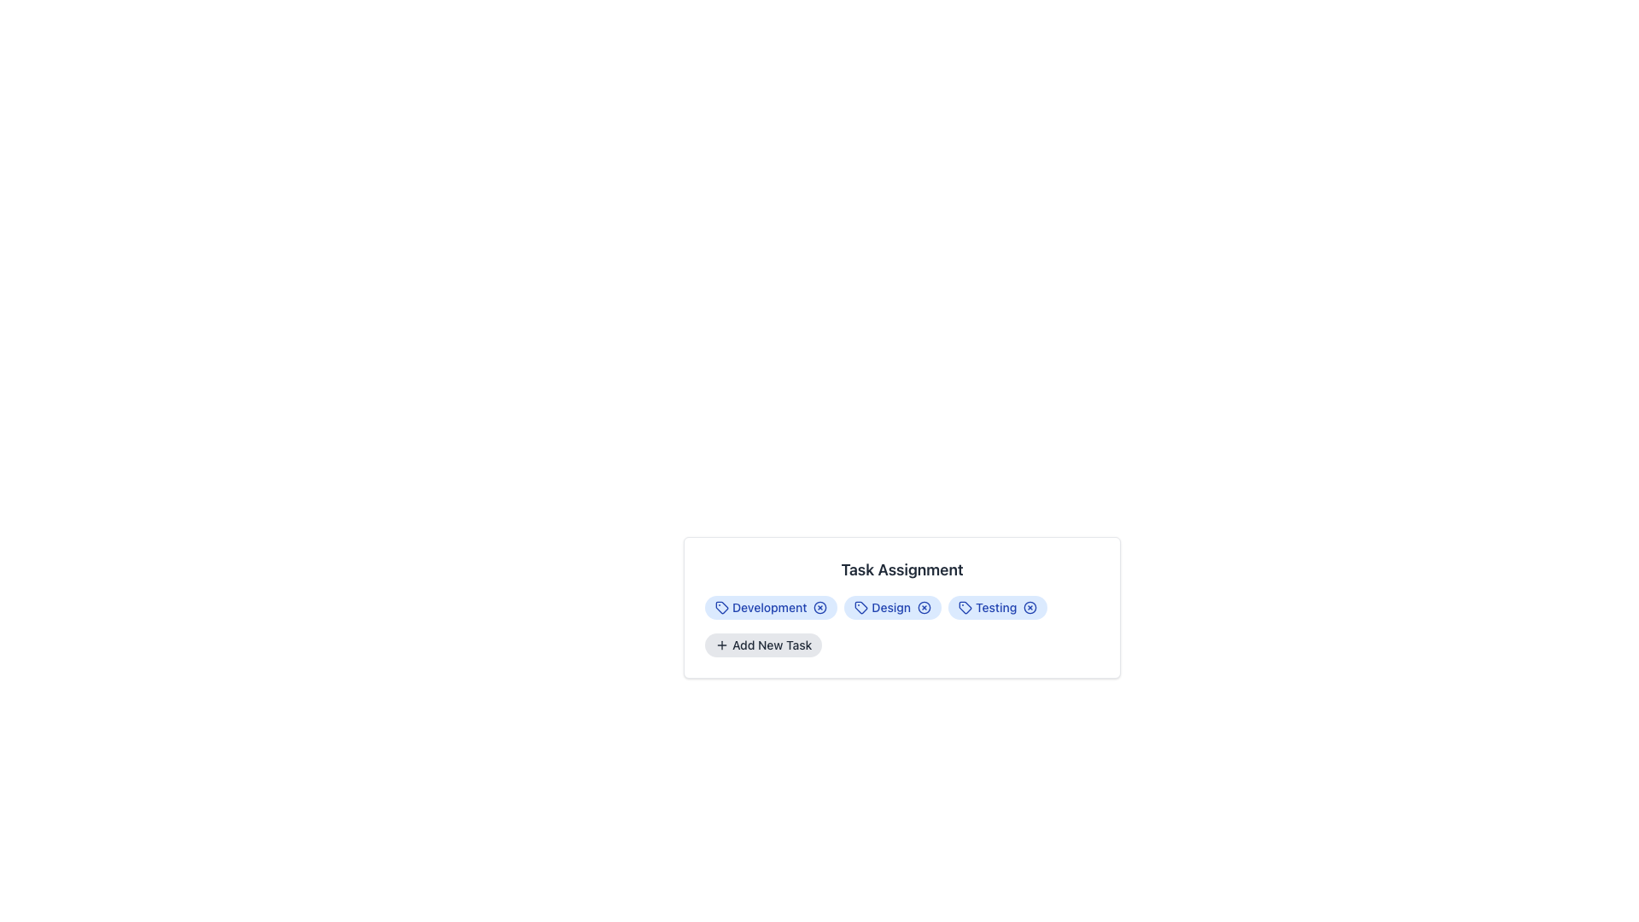 This screenshot has height=922, width=1639. I want to click on label of the task type element which is a composite component with a light blue background and the text 'Design' in blue, so click(892, 607).